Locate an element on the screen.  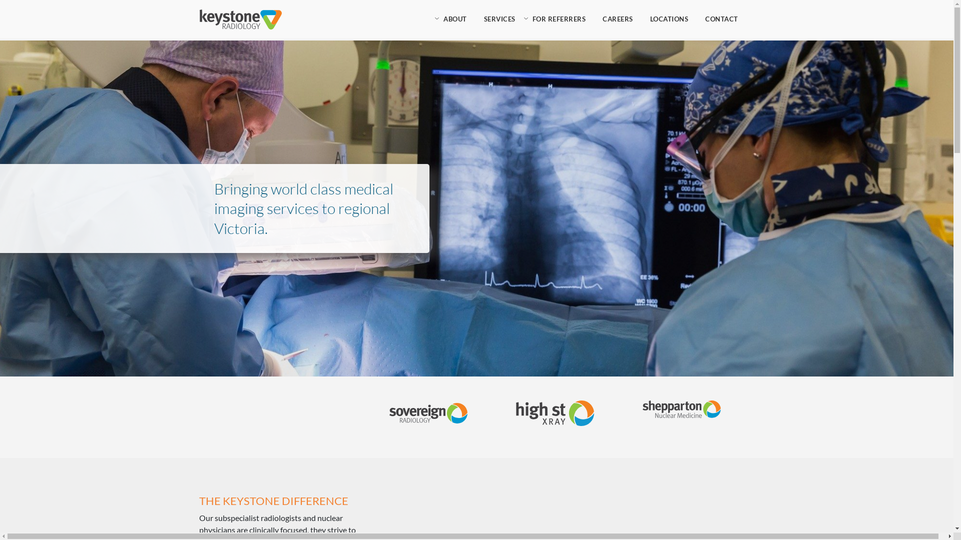
'CAREERS' is located at coordinates (617, 19).